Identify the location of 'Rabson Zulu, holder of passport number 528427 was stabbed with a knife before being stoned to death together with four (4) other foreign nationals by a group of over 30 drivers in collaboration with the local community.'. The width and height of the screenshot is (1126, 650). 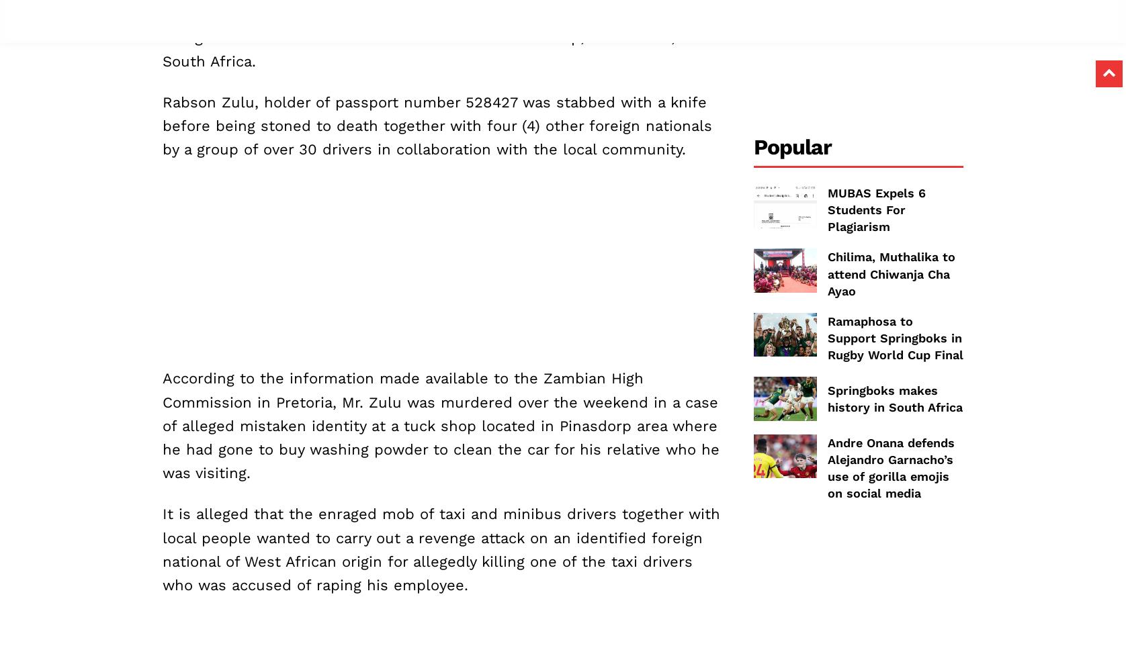
(436, 126).